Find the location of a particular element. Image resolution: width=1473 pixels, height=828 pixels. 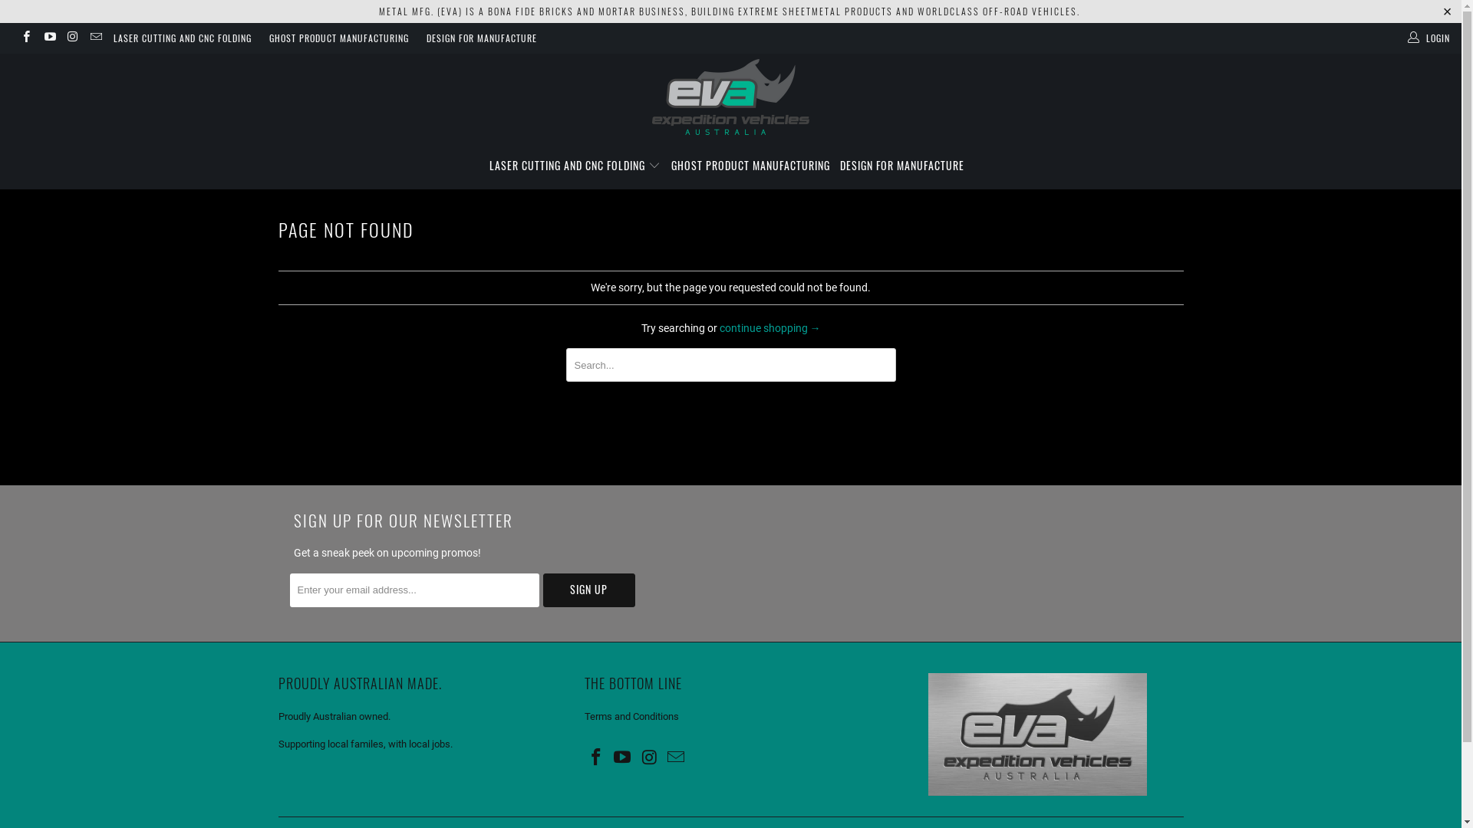

'Sign Up' is located at coordinates (588, 590).